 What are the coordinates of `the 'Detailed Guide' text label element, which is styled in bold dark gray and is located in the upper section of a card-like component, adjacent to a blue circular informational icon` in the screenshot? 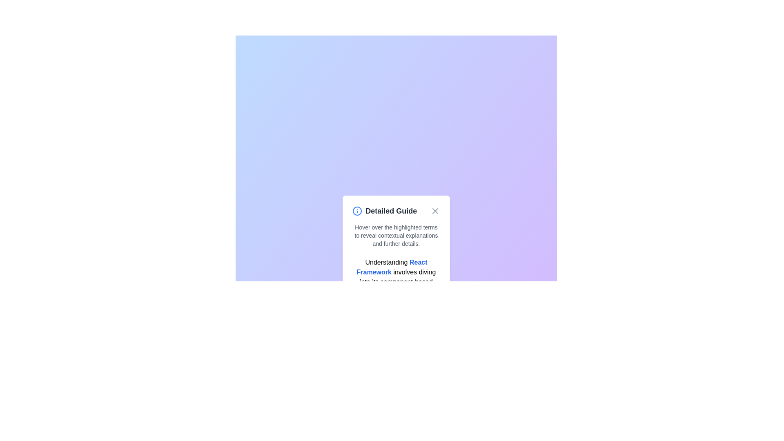 It's located at (384, 210).